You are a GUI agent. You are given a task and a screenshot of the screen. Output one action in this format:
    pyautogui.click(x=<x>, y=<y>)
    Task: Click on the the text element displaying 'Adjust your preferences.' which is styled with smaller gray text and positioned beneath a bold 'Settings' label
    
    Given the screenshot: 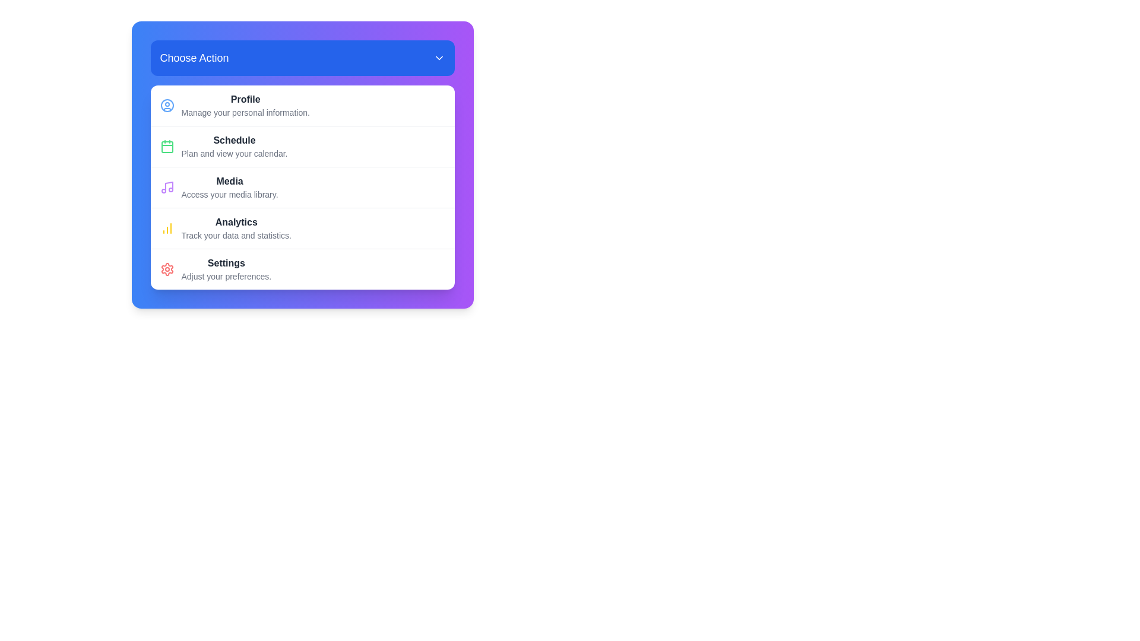 What is the action you would take?
    pyautogui.click(x=226, y=277)
    